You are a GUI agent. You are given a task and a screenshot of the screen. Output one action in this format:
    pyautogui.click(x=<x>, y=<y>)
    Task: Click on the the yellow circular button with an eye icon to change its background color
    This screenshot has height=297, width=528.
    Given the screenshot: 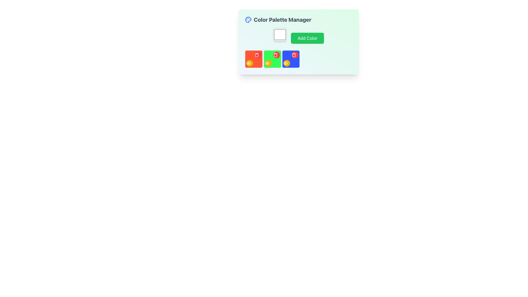 What is the action you would take?
    pyautogui.click(x=268, y=63)
    